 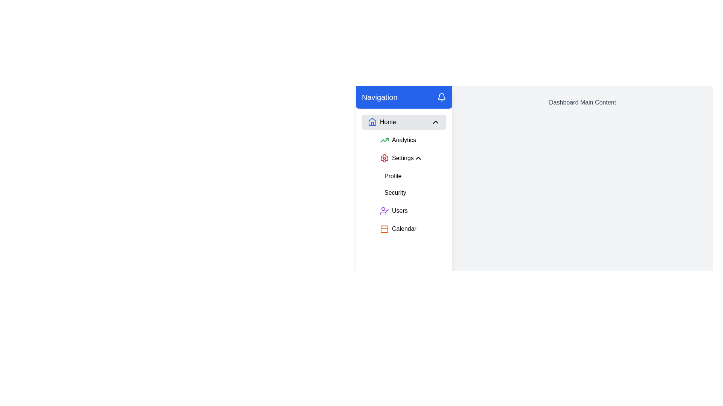 What do you see at coordinates (384, 158) in the screenshot?
I see `the 'Settings' icon located in the vertical navigation menu, which is the second item from the top under the 'Home' section` at bounding box center [384, 158].